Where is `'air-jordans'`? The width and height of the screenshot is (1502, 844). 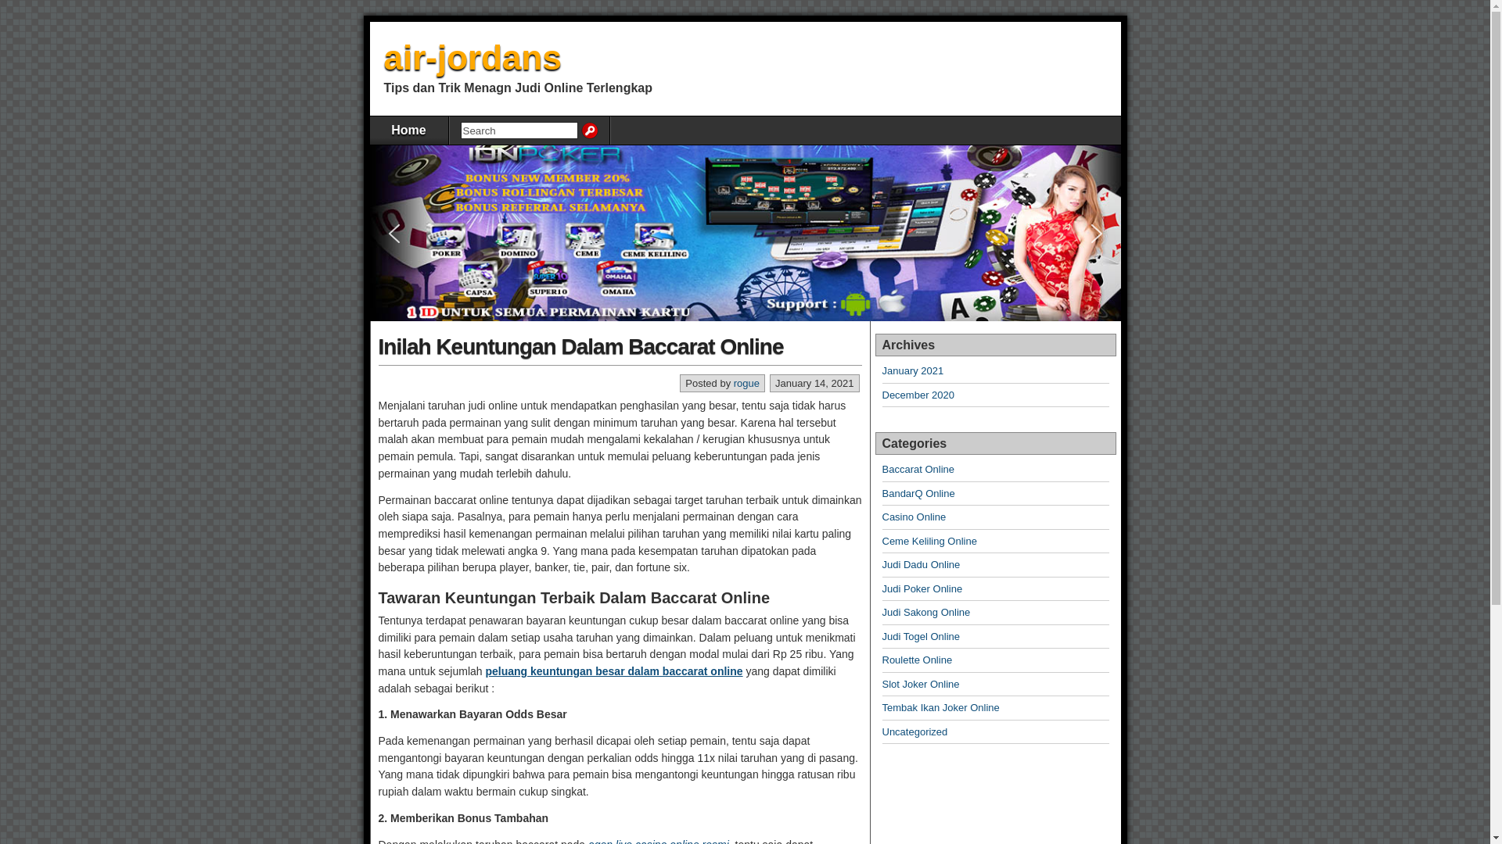 'air-jordans' is located at coordinates (471, 56).